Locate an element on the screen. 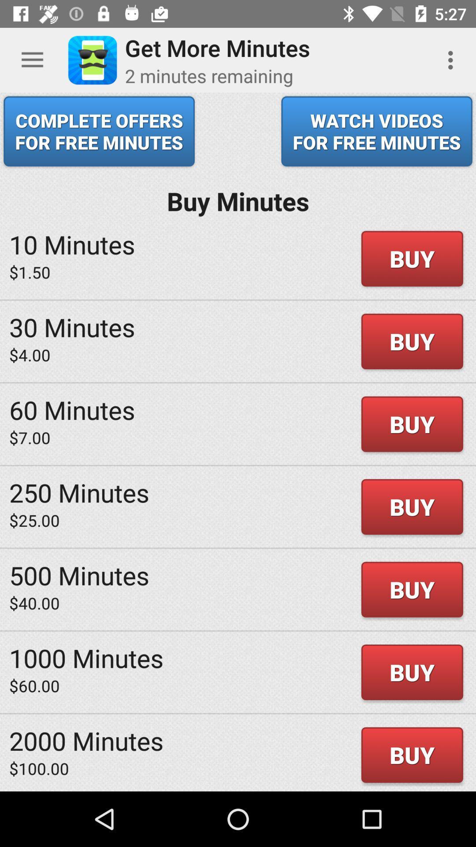 The image size is (476, 847). the icon below $25.00 icon is located at coordinates (79, 575).